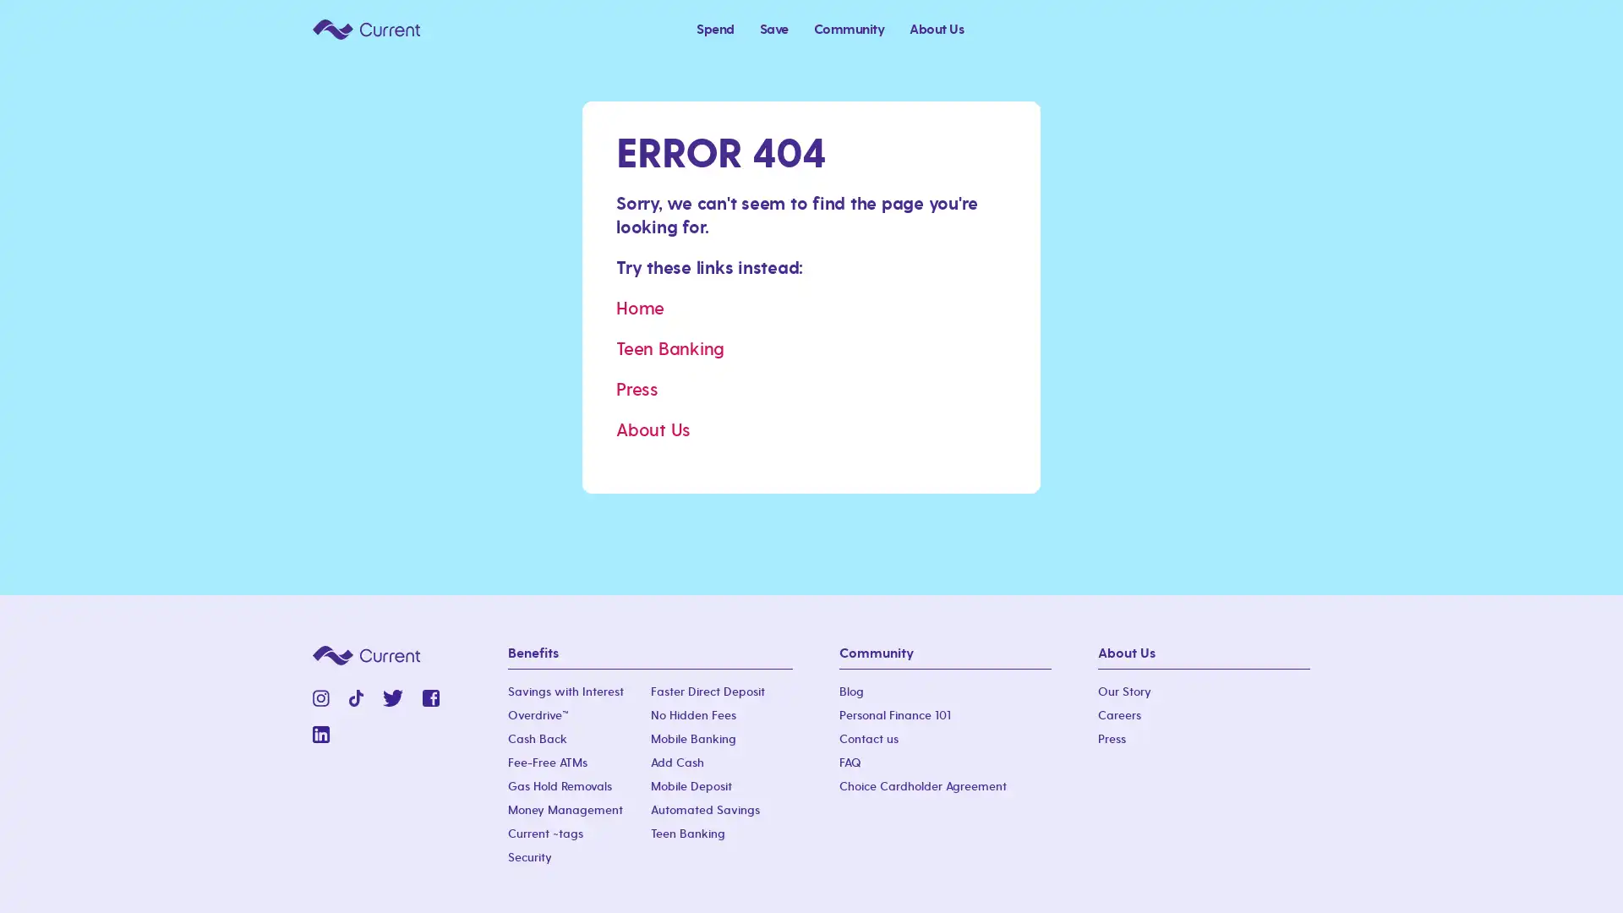 Image resolution: width=1623 pixels, height=913 pixels. What do you see at coordinates (1119, 716) in the screenshot?
I see `Careers` at bounding box center [1119, 716].